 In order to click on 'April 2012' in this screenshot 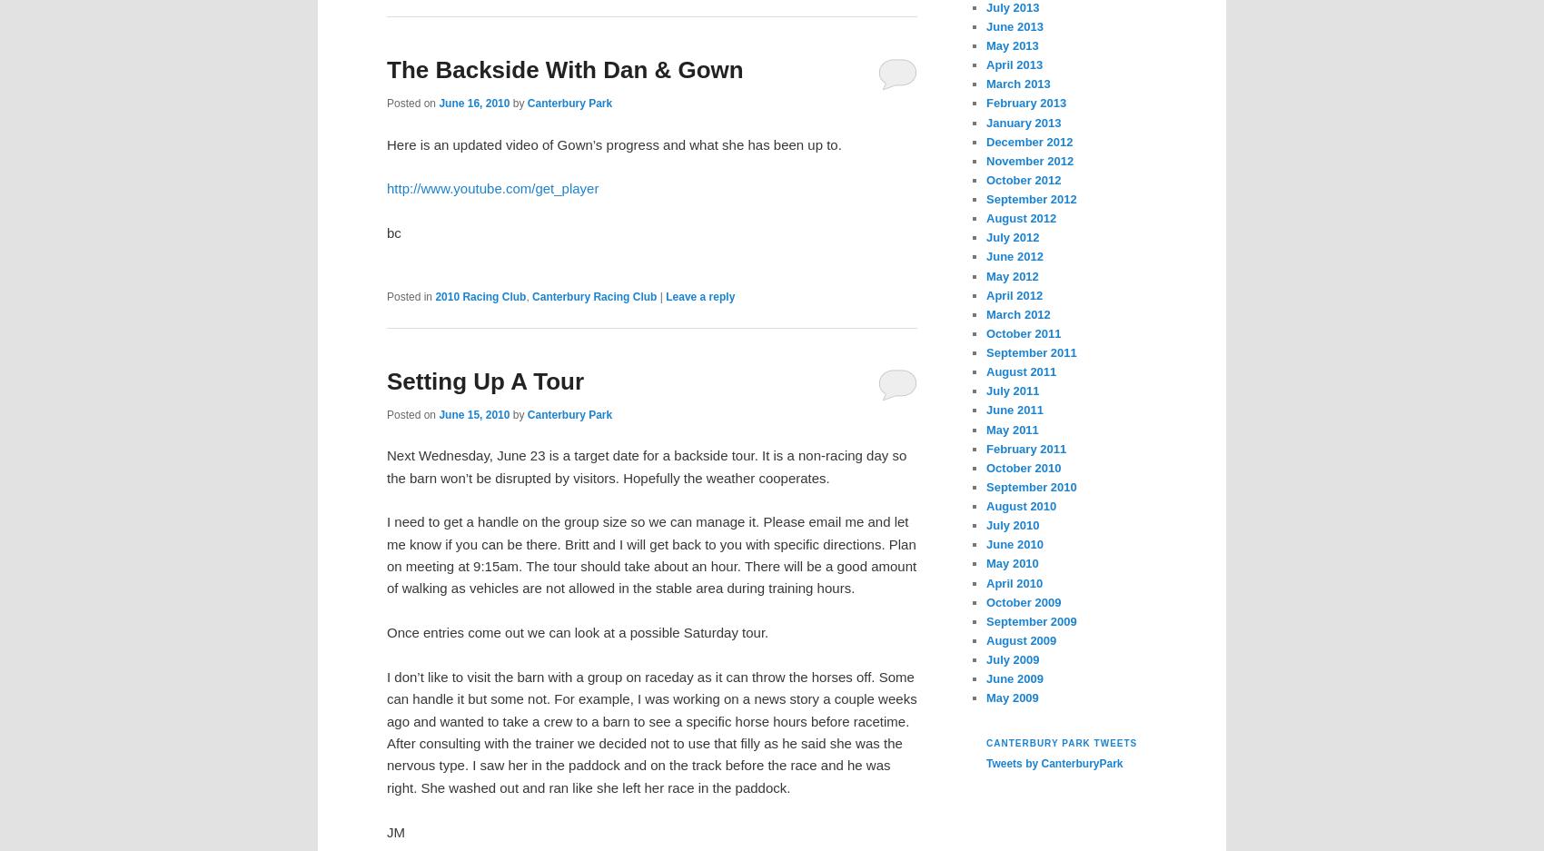, I will do `click(1014, 293)`.